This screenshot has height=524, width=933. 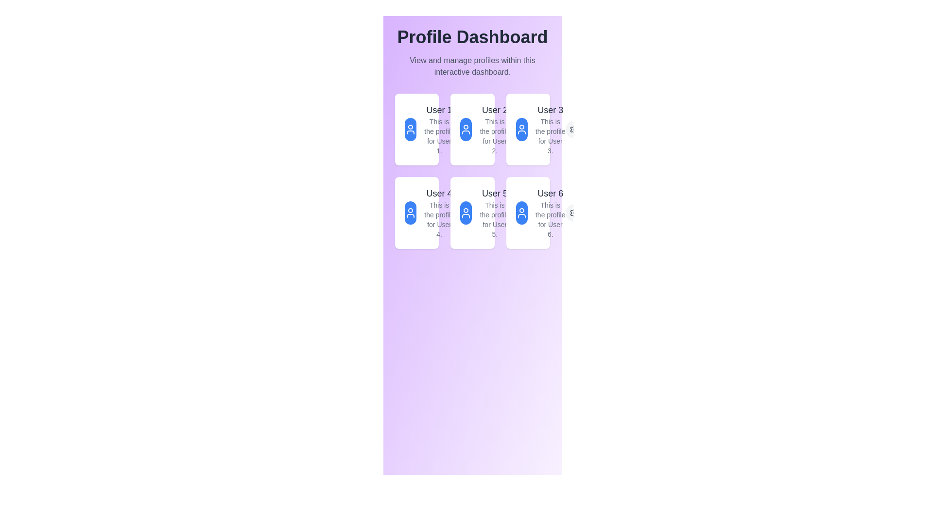 What do you see at coordinates (410, 129) in the screenshot?
I see `the user profile avatar icon button located at the top left corner of the 'User 1' card in the grid layout` at bounding box center [410, 129].